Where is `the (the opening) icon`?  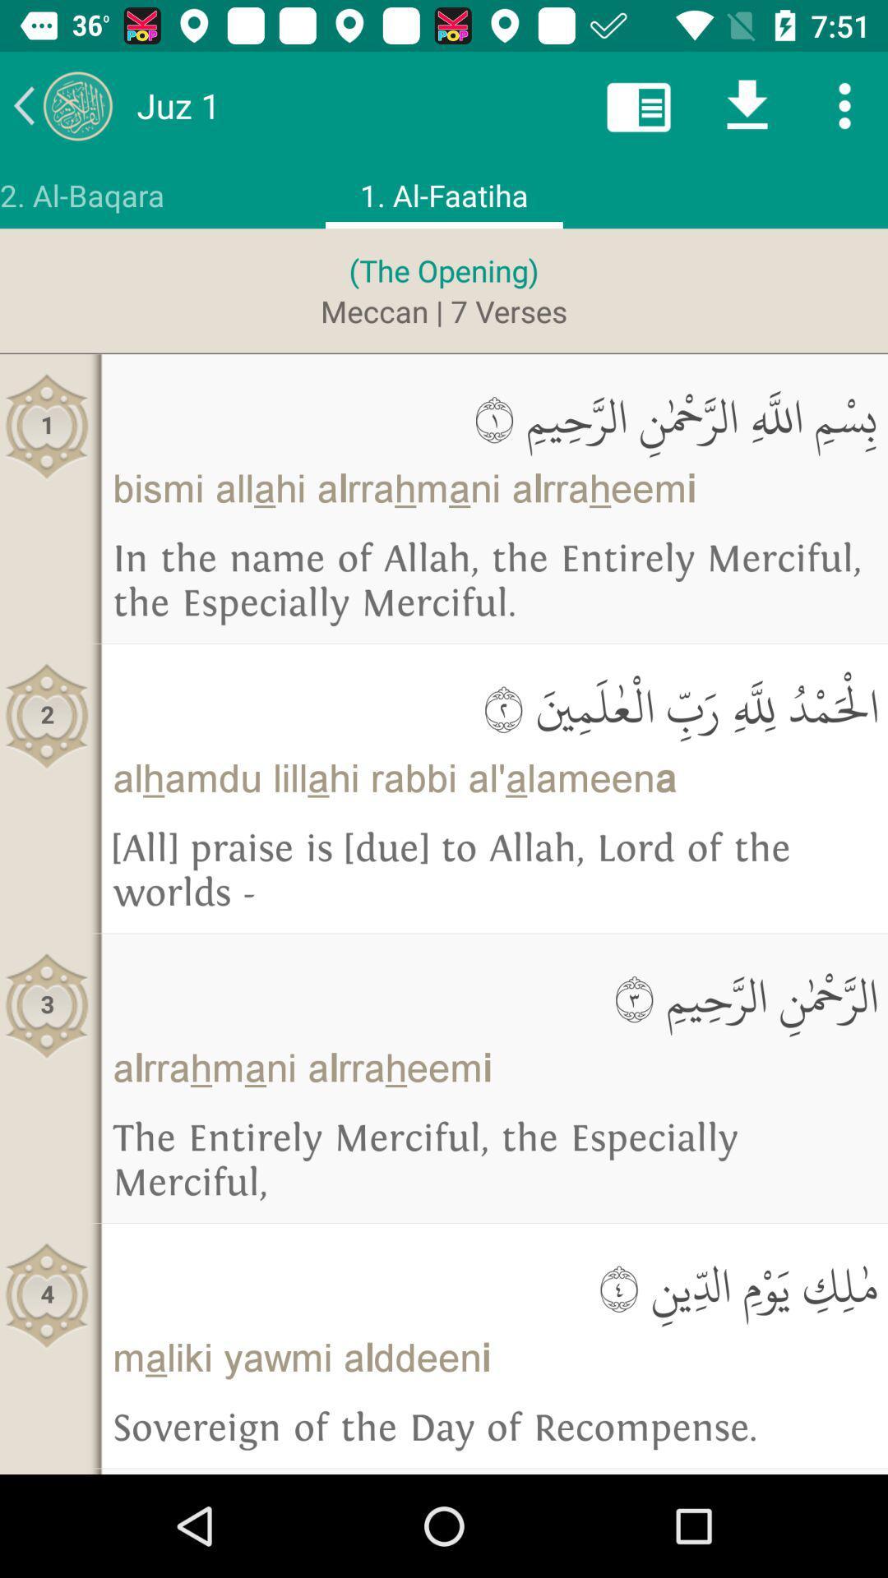 the (the opening) icon is located at coordinates (444, 270).